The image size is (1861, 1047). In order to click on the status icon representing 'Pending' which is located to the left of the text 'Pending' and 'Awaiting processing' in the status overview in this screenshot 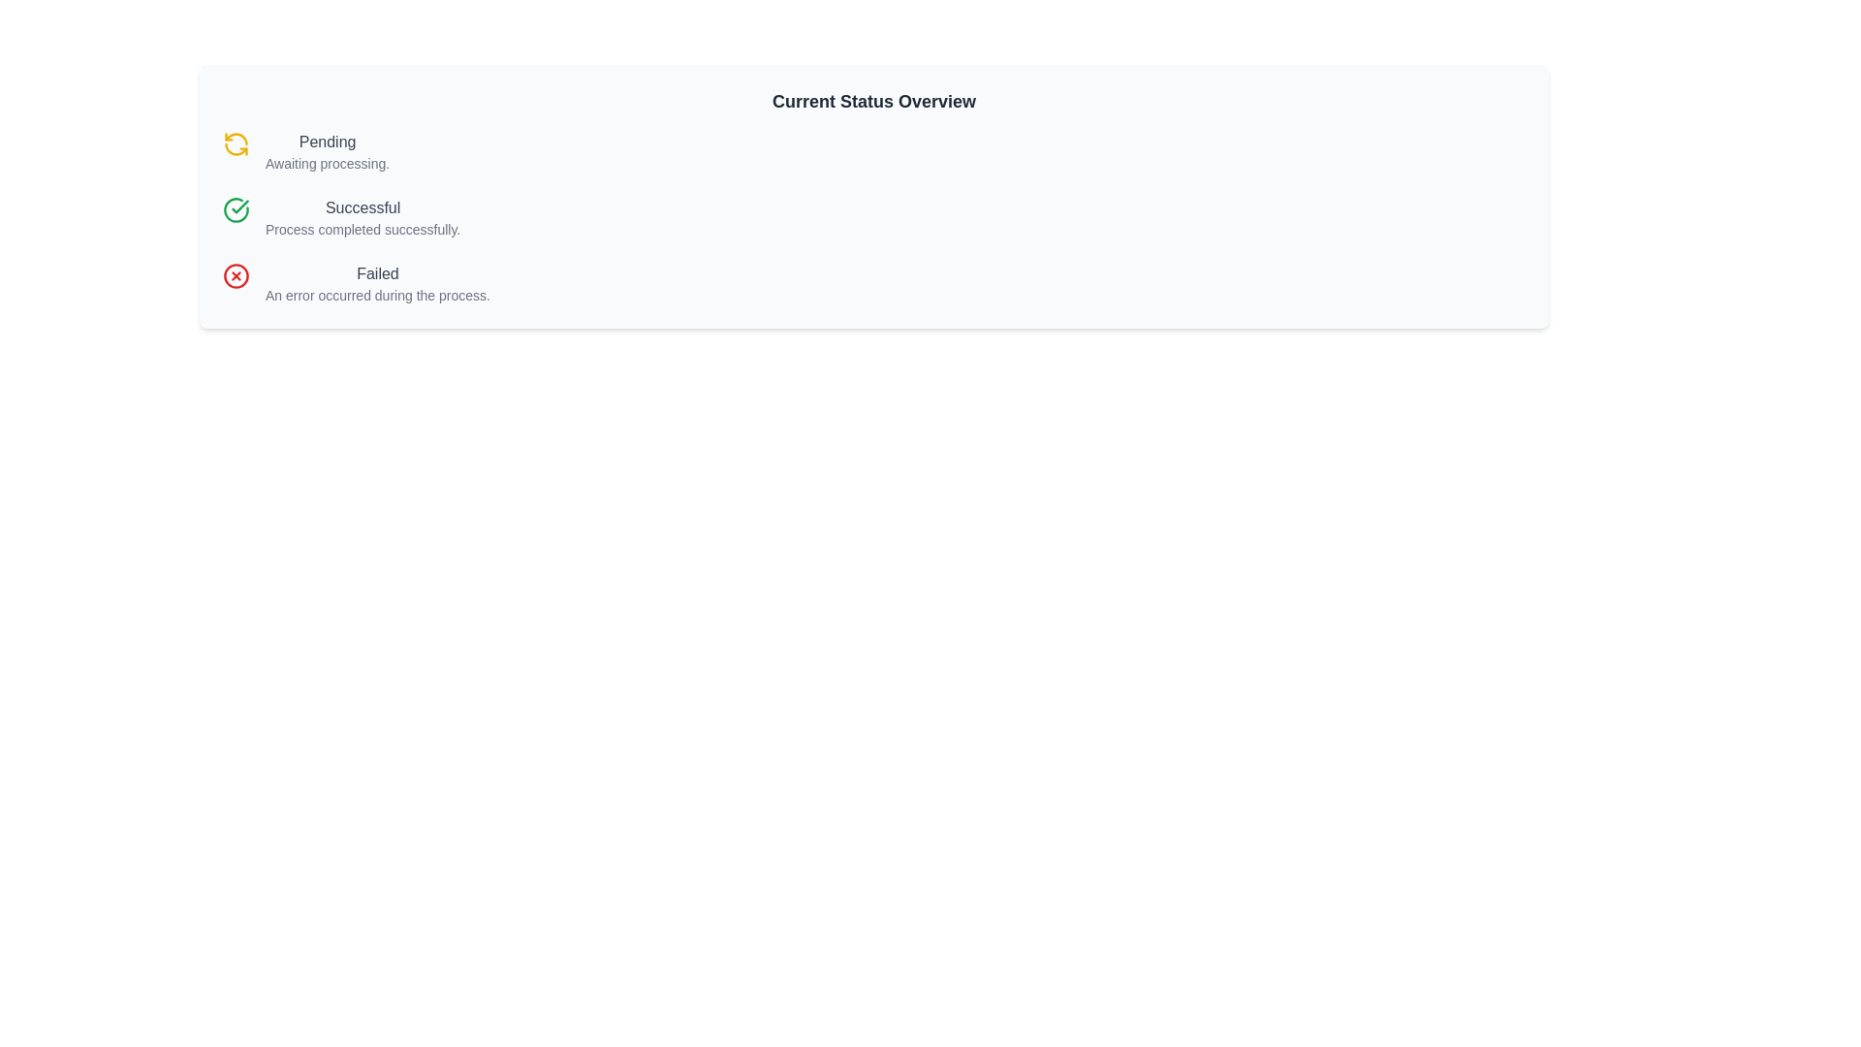, I will do `click(236, 143)`.